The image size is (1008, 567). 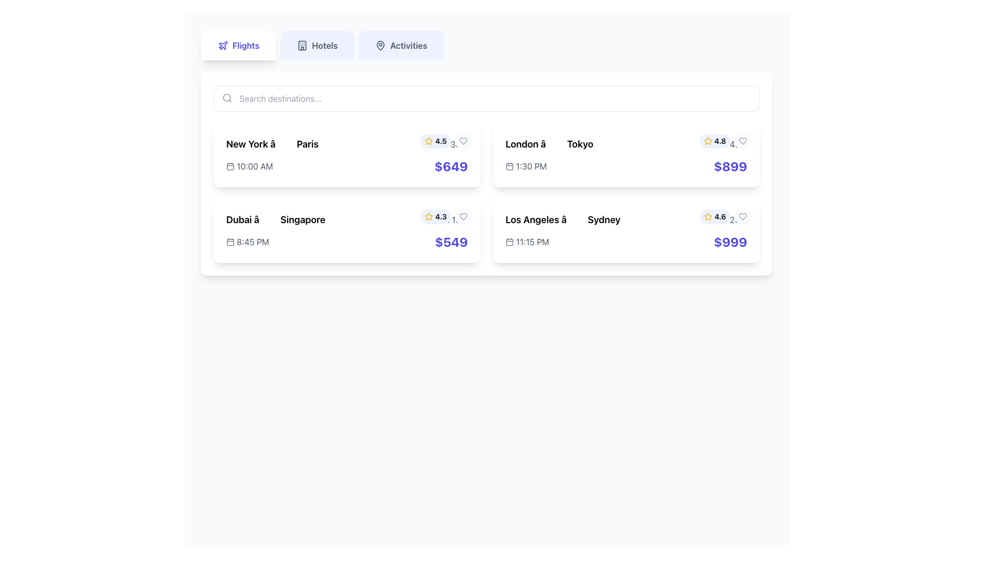 What do you see at coordinates (708, 219) in the screenshot?
I see `the clock icon, which is a simplistic gray circular design located to the left of the text '15h 20m'` at bounding box center [708, 219].